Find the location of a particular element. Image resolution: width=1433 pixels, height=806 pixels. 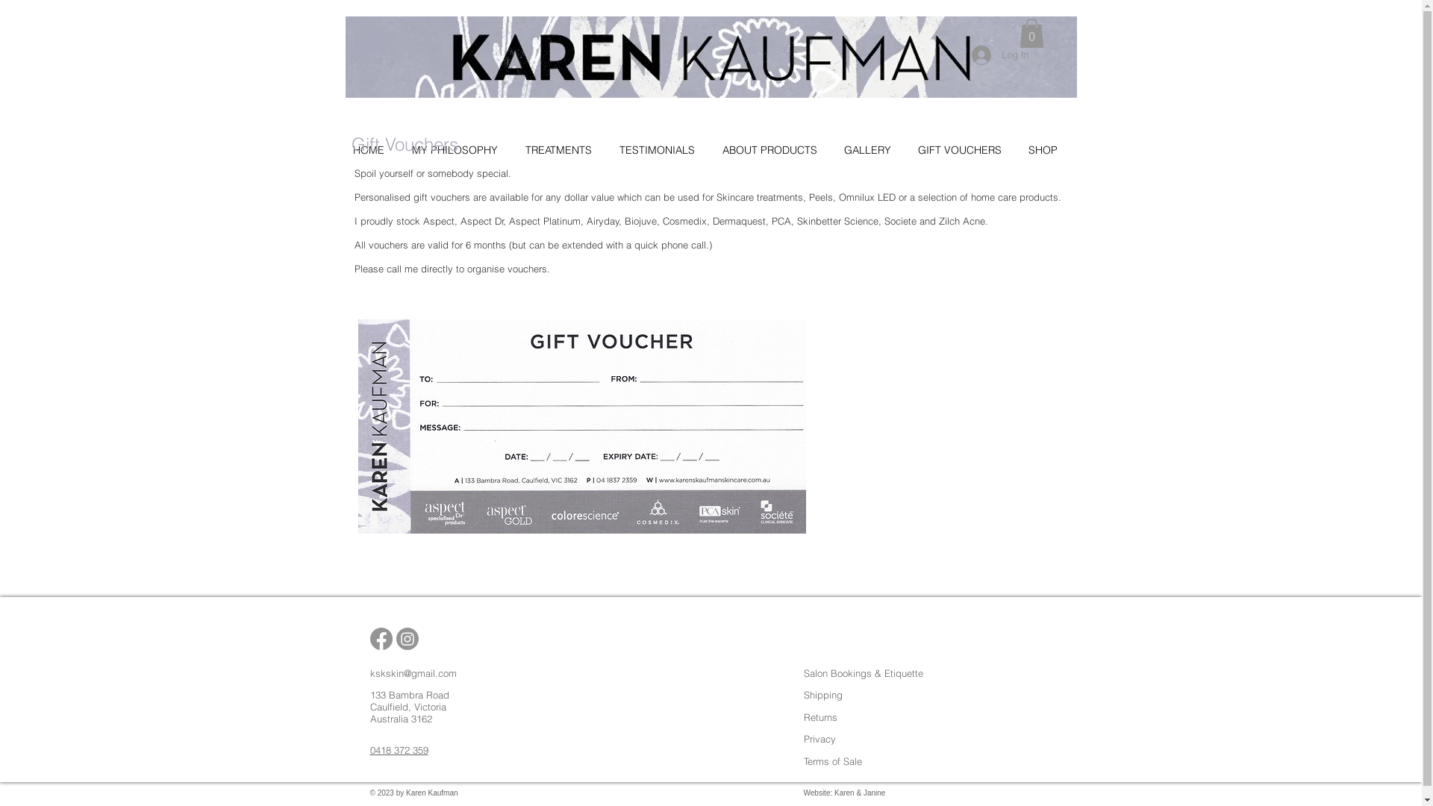

'GALLERY' is located at coordinates (872, 149).